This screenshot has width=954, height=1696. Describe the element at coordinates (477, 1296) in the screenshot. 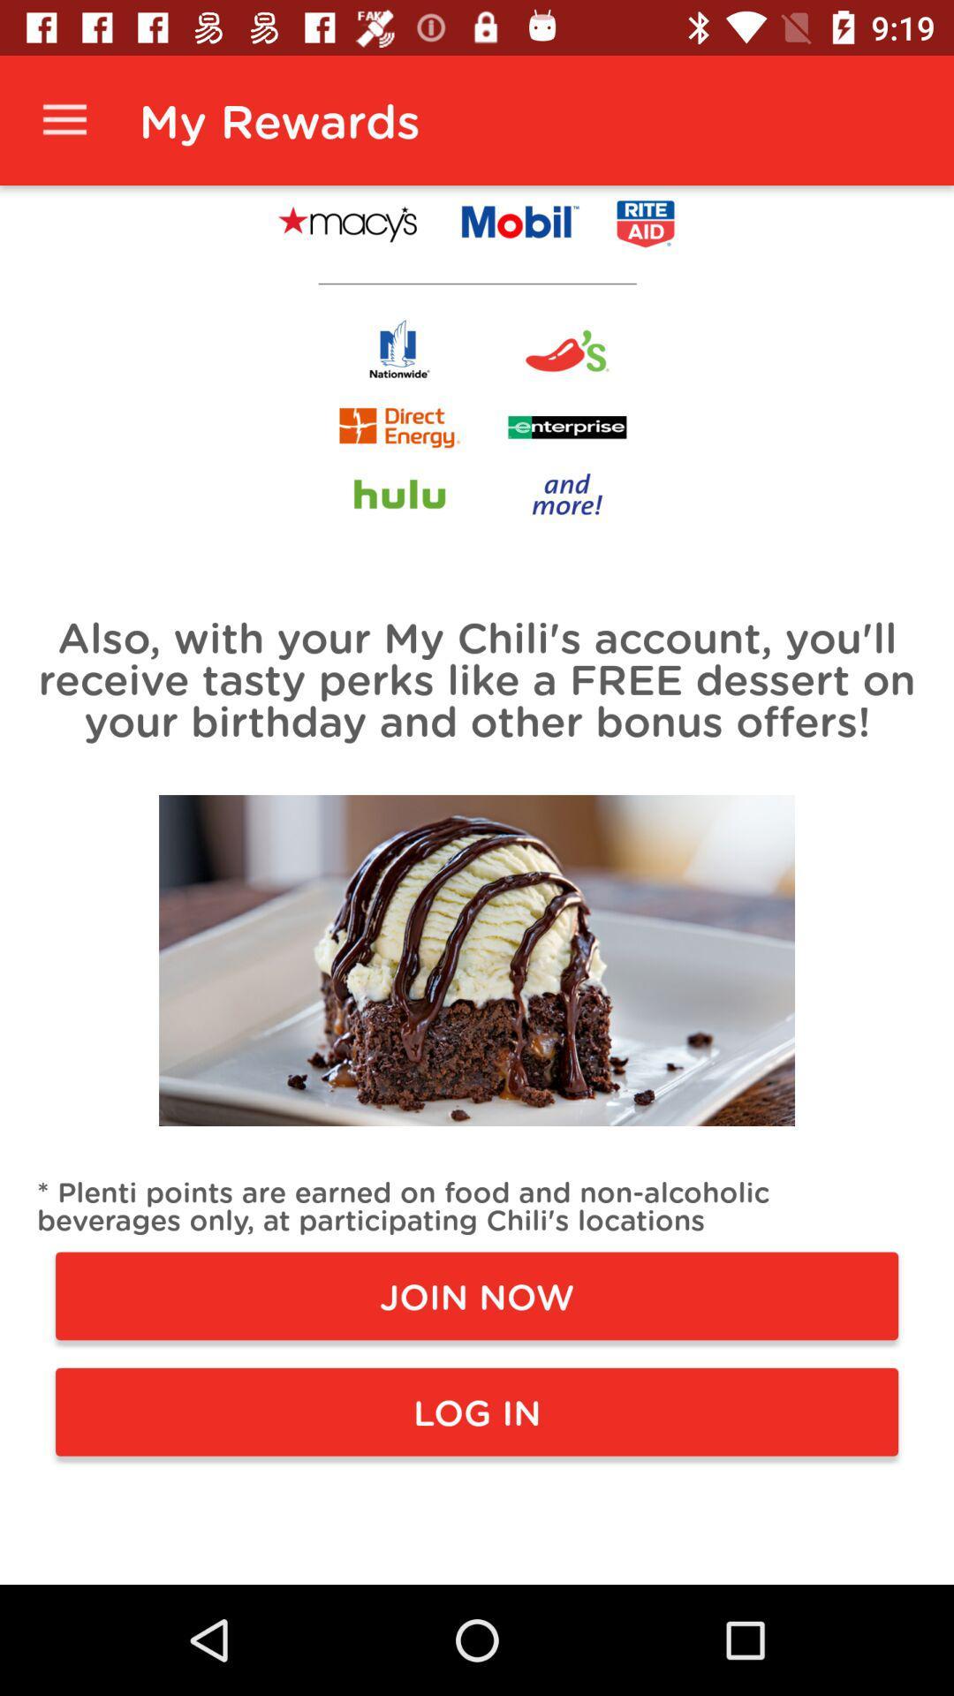

I see `the icon above log in` at that location.